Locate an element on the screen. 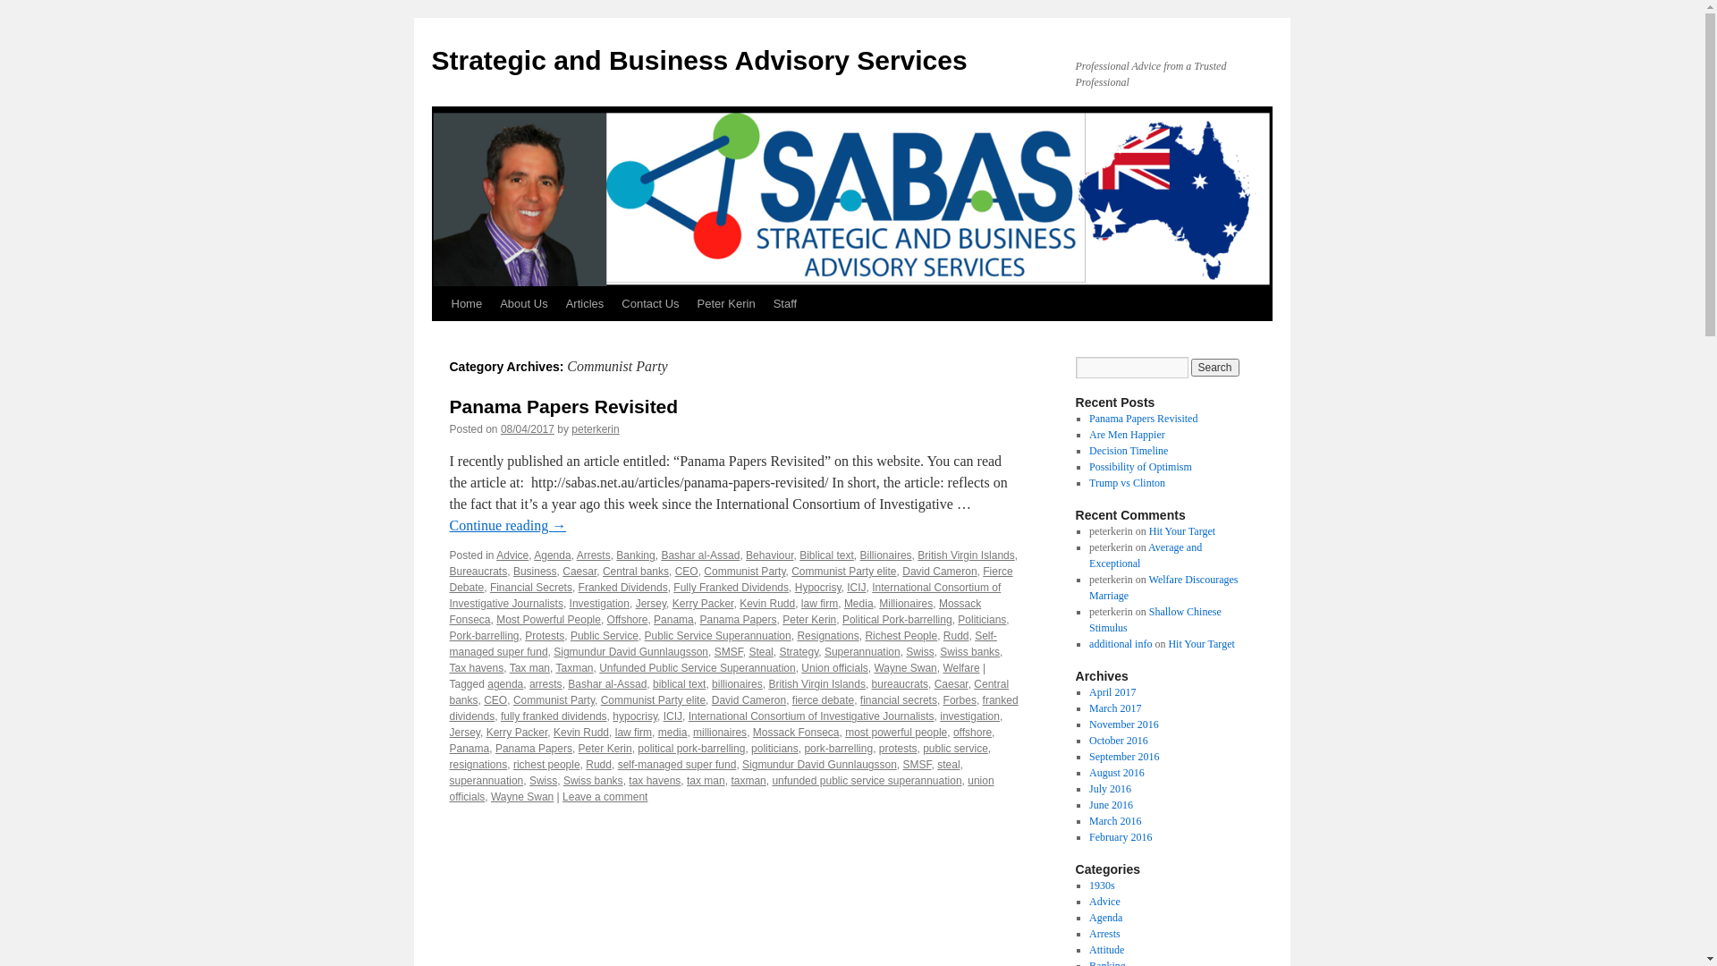  'Advice' is located at coordinates (511, 555).